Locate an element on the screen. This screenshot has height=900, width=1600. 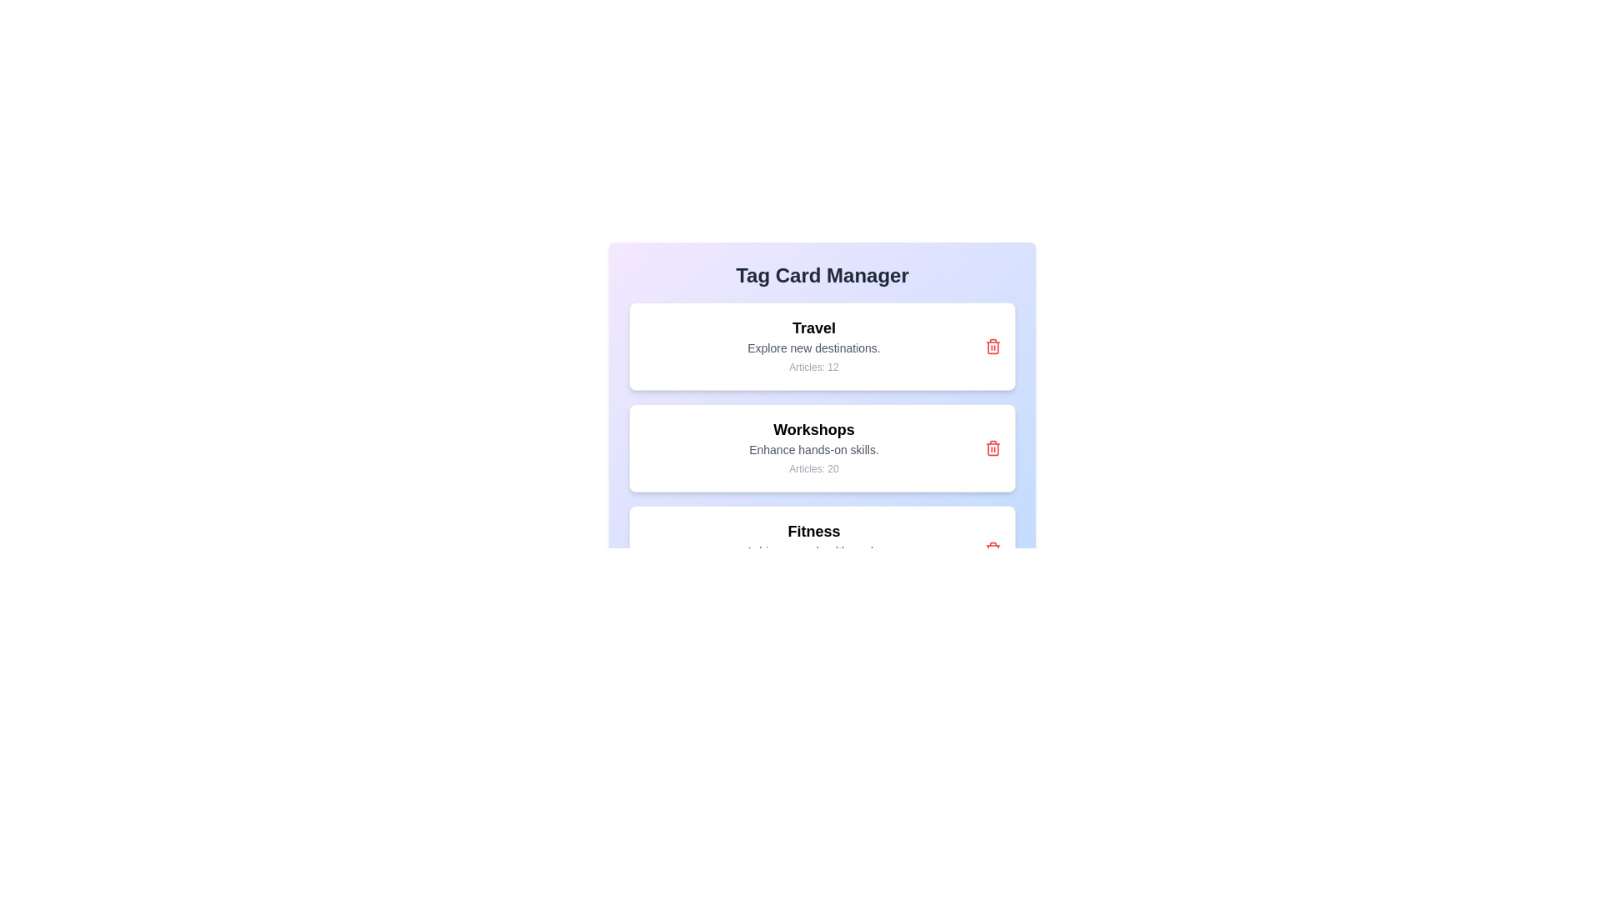
delete button for the tag labeled Workshops is located at coordinates (992, 447).